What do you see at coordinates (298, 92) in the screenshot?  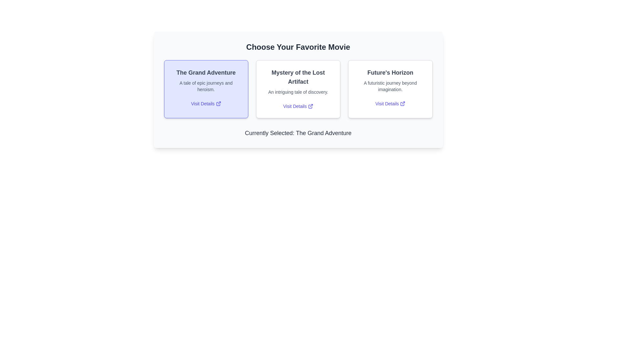 I see `the text component displaying 'An intriguing tale of discovery.' which is styled with a smaller font size` at bounding box center [298, 92].